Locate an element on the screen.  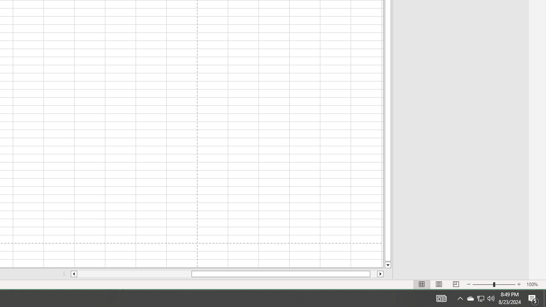
'Page left' is located at coordinates (134, 274).